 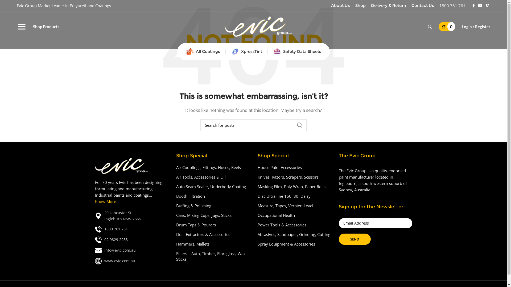 What do you see at coordinates (276, 215) in the screenshot?
I see `'Occupational Health'` at bounding box center [276, 215].